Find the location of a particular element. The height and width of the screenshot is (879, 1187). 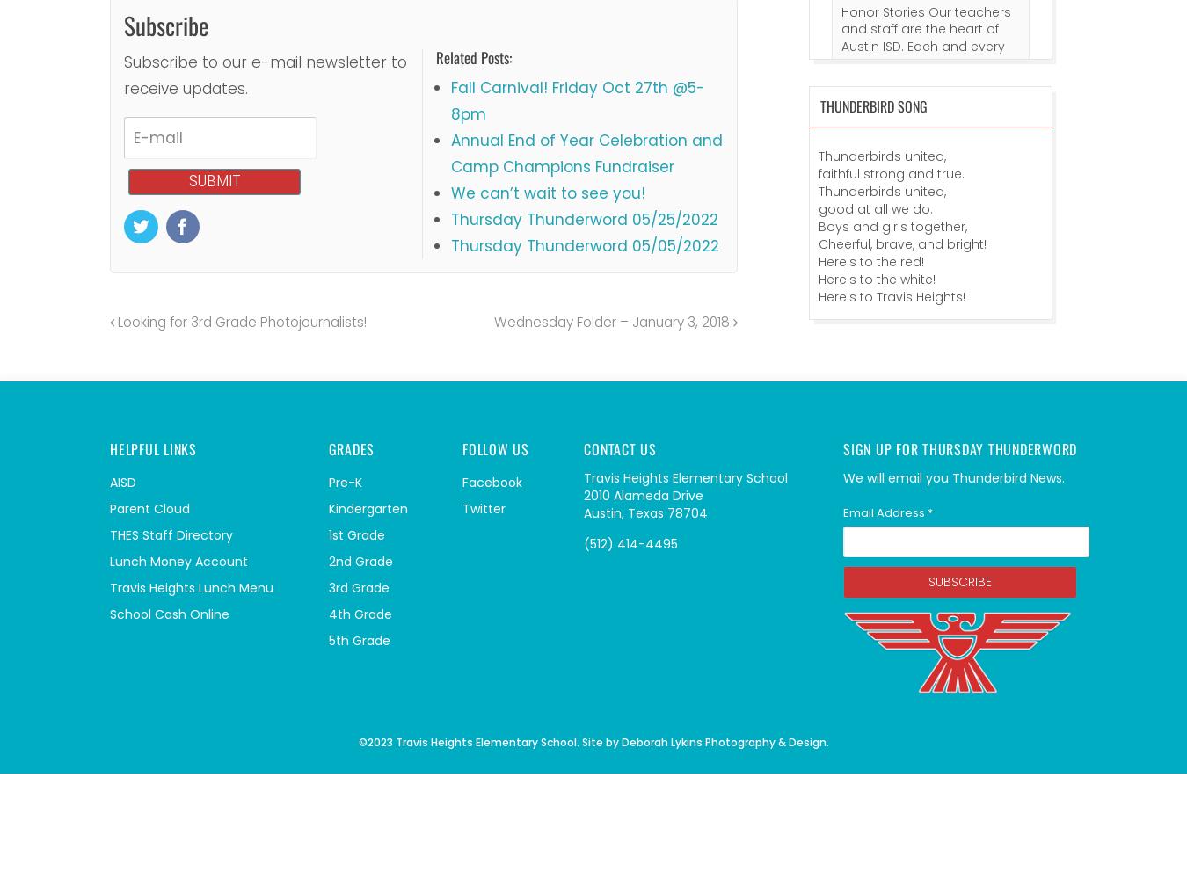

'Sign Up for Thursday ThunderWord' is located at coordinates (960, 448).